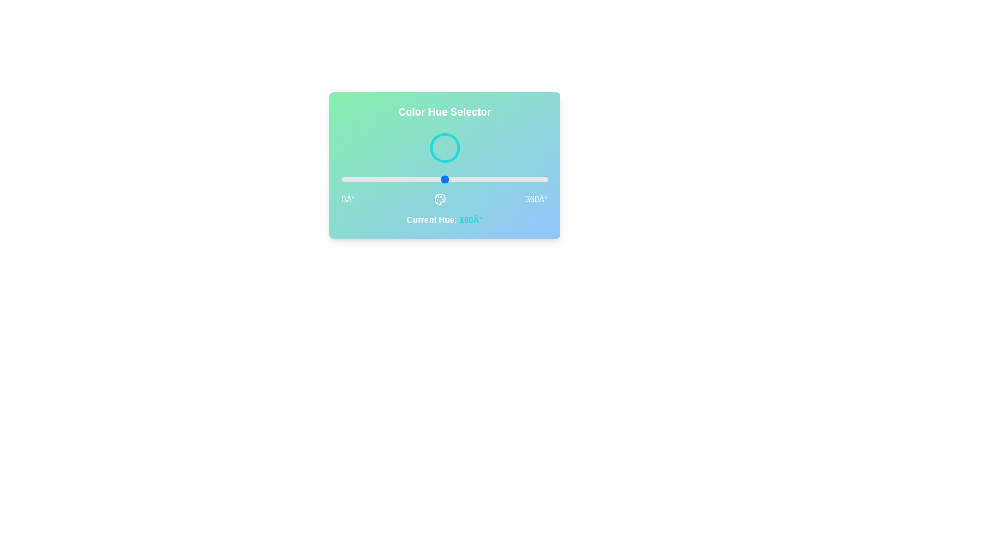 This screenshot has height=557, width=990. Describe the element at coordinates (440, 178) in the screenshot. I see `the hue to 173° by dragging the slider` at that location.